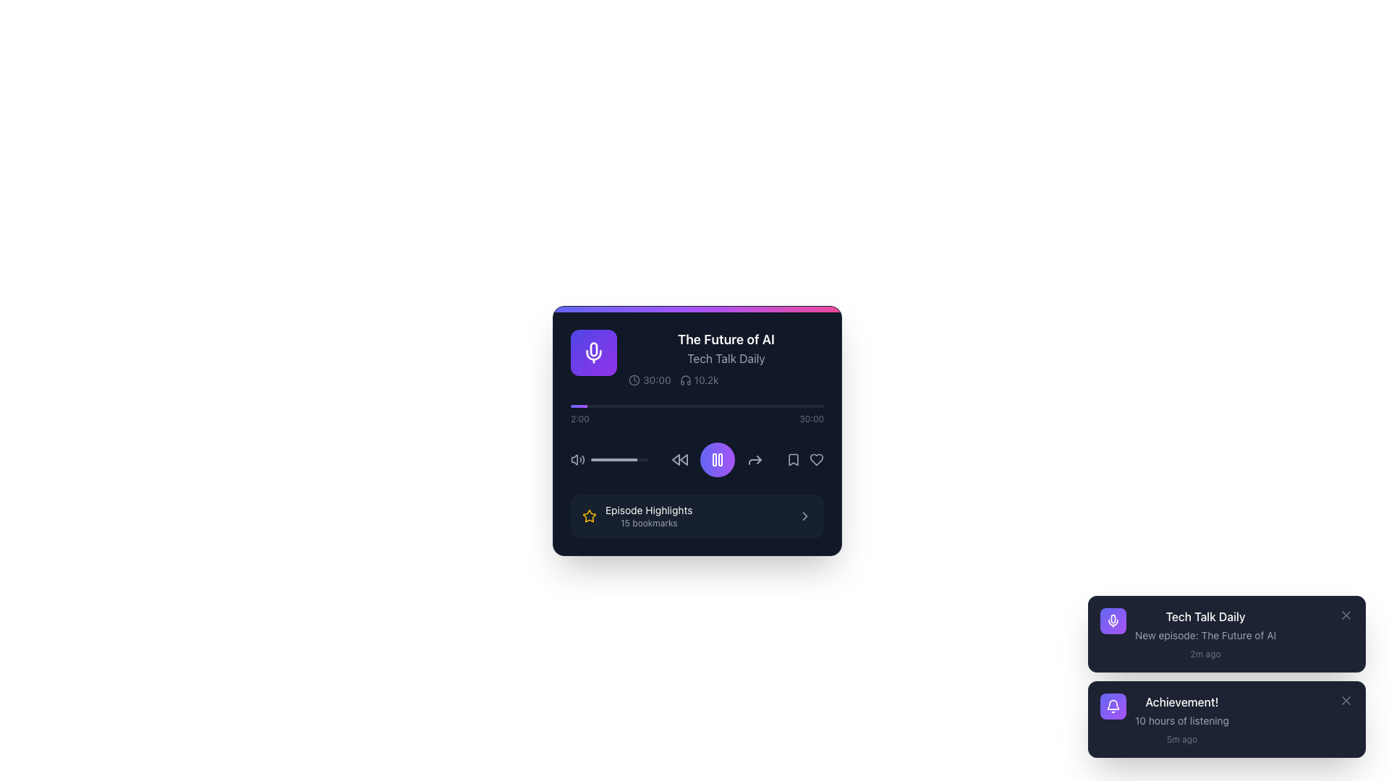 This screenshot has width=1389, height=781. What do you see at coordinates (1243, 633) in the screenshot?
I see `the notification card titled 'Tech Talk Daily', which includes a description of a new episode and a timestamp, positioned in a notification list` at bounding box center [1243, 633].